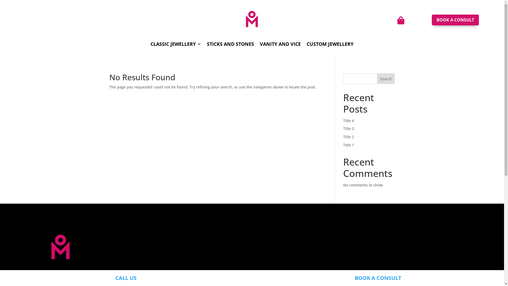  Describe the element at coordinates (348, 136) in the screenshot. I see `'Title 2'` at that location.